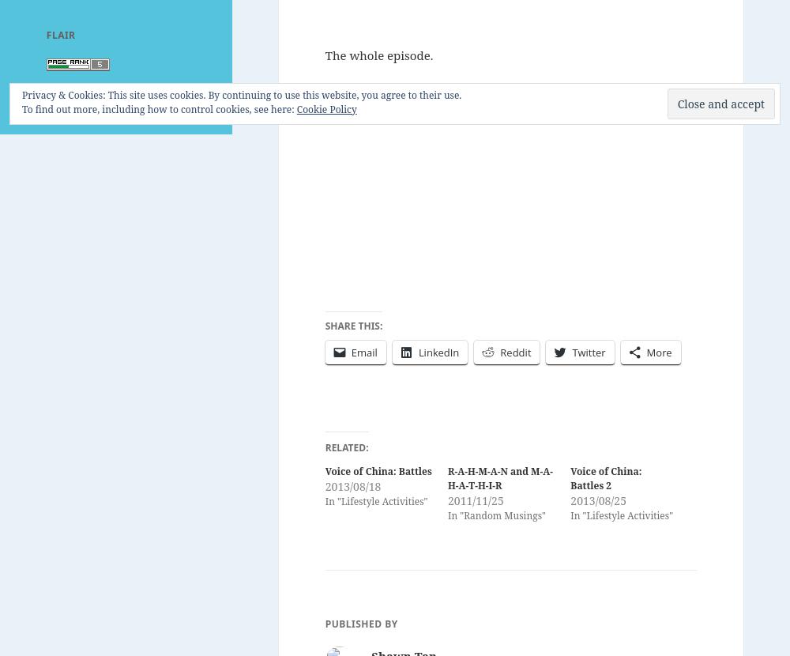  I want to click on 'More', so click(645, 352).